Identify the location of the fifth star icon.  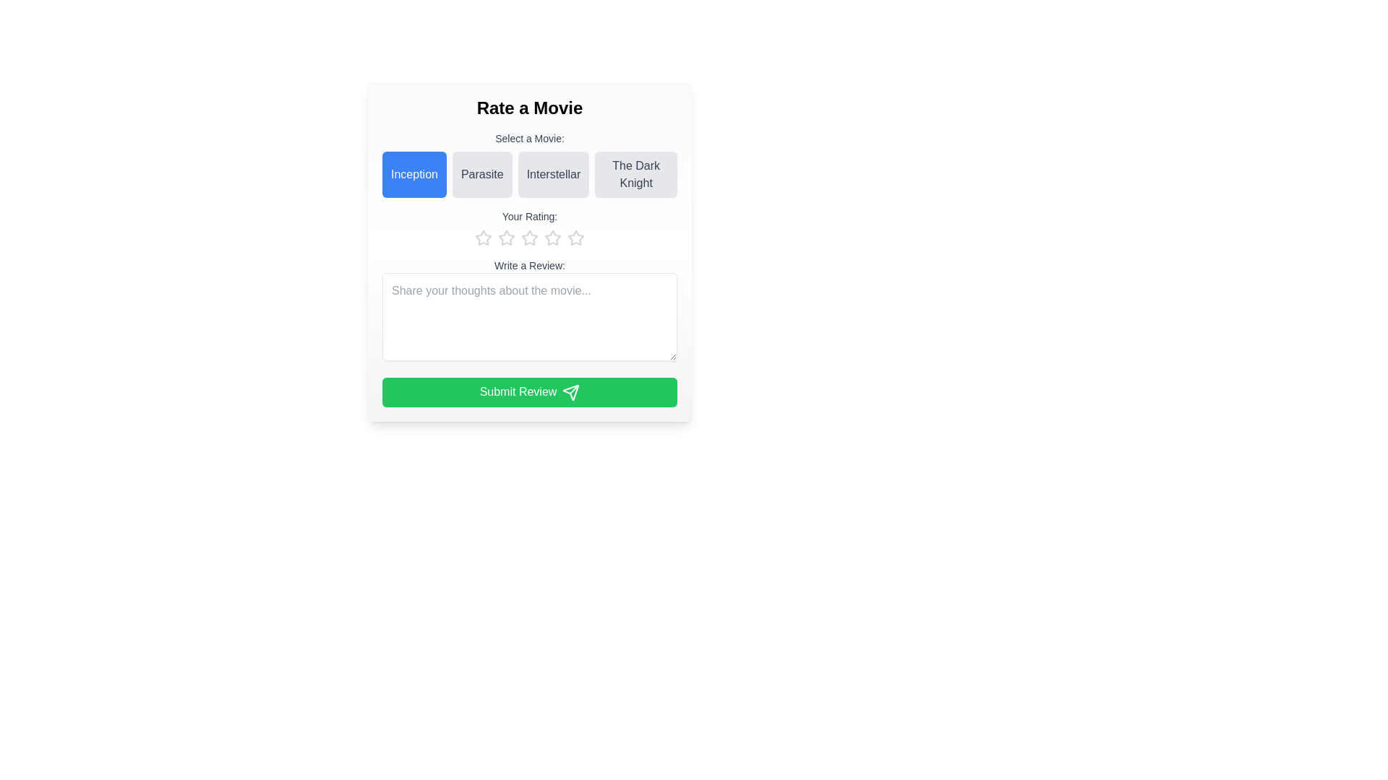
(575, 237).